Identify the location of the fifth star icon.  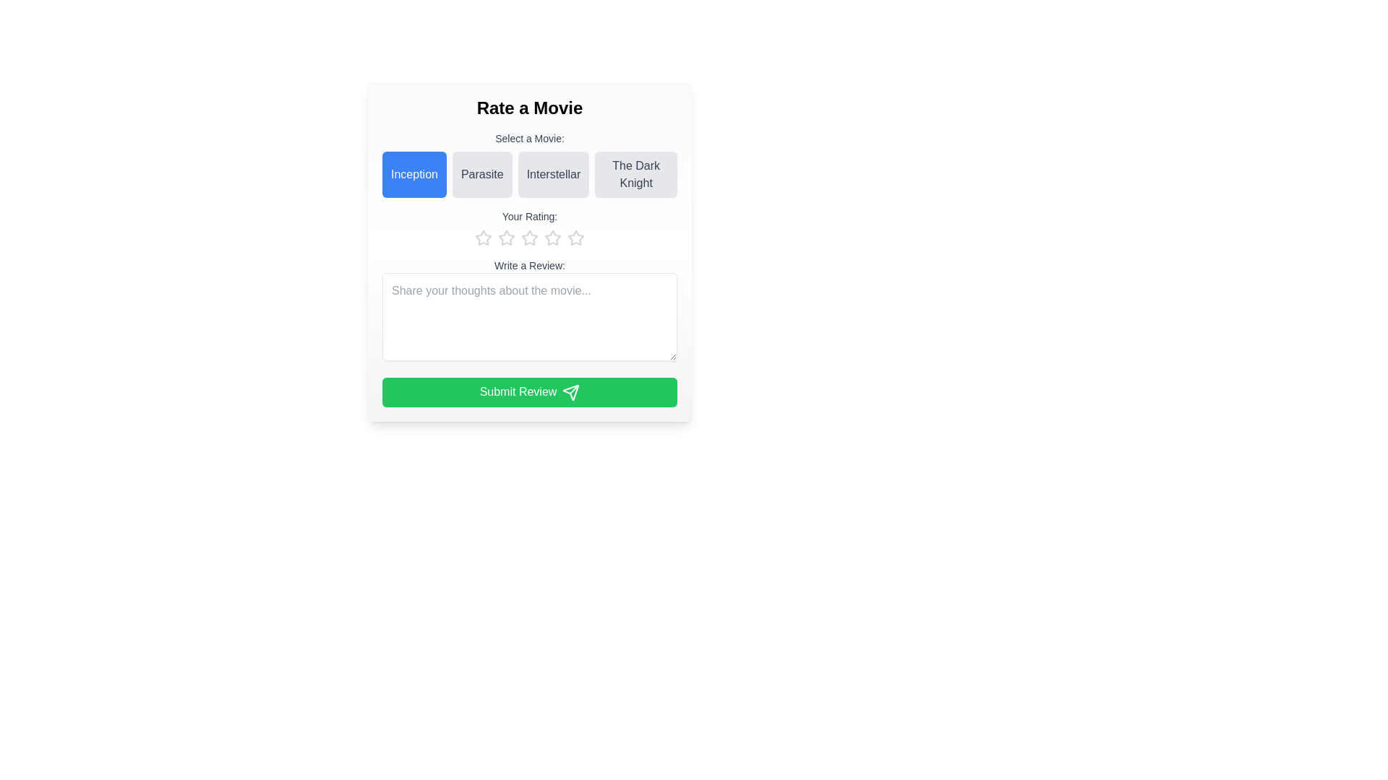
(575, 237).